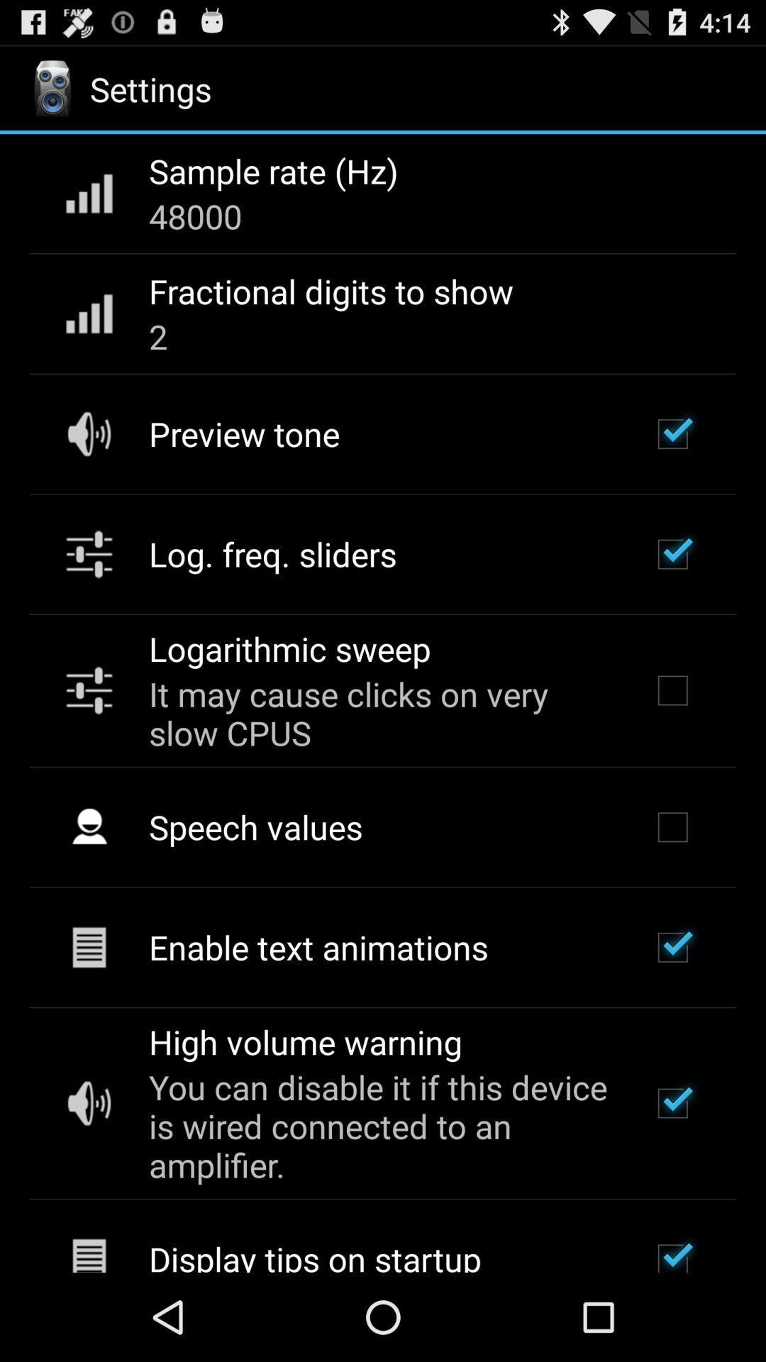 The image size is (766, 1362). Describe the element at coordinates (304, 1041) in the screenshot. I see `the item below enable text animations app` at that location.